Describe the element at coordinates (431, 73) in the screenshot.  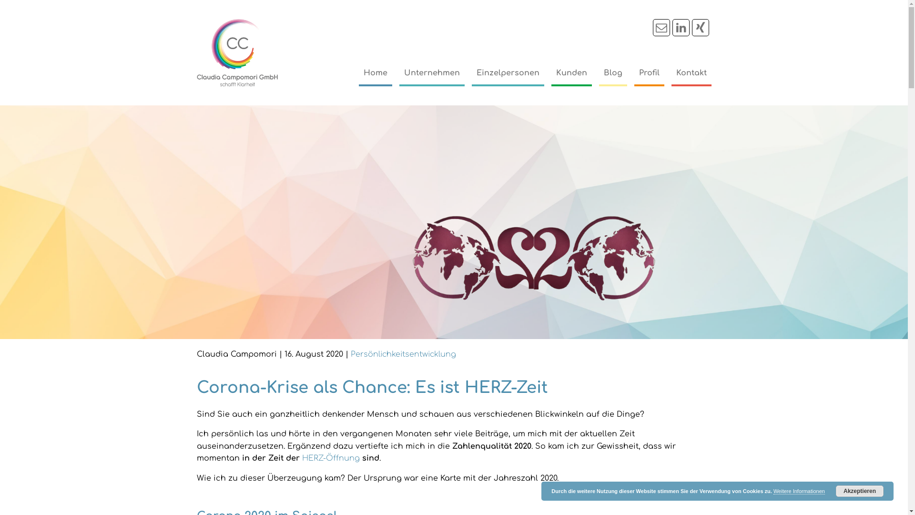
I see `'Unternehmen'` at that location.